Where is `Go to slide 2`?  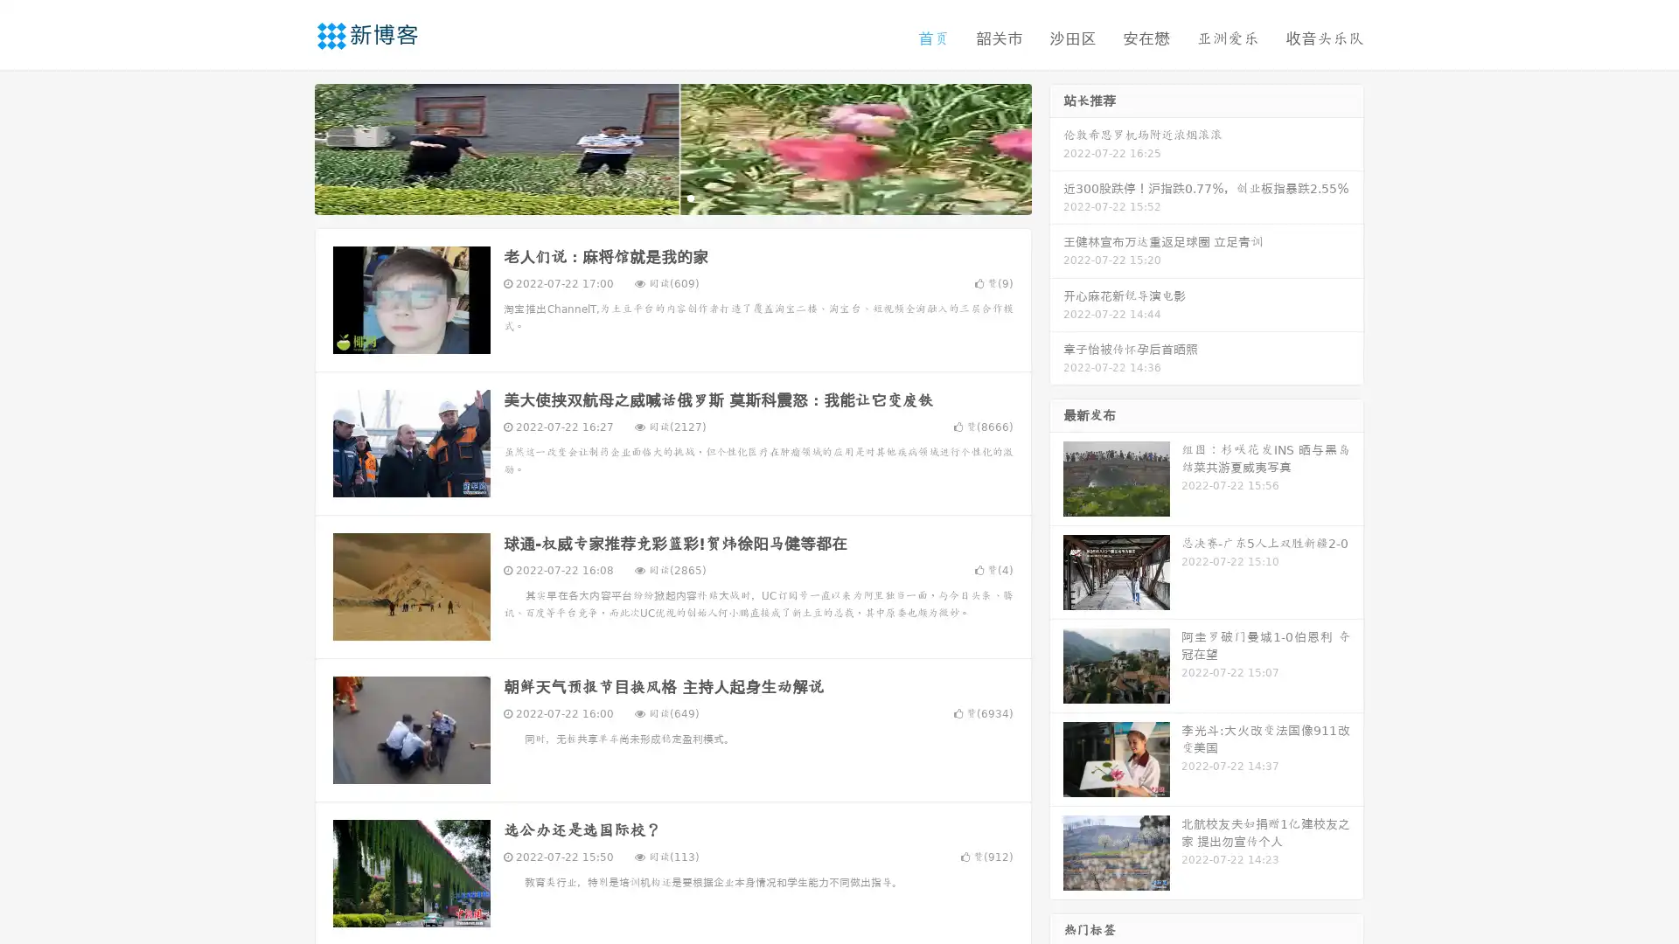 Go to slide 2 is located at coordinates (672, 197).